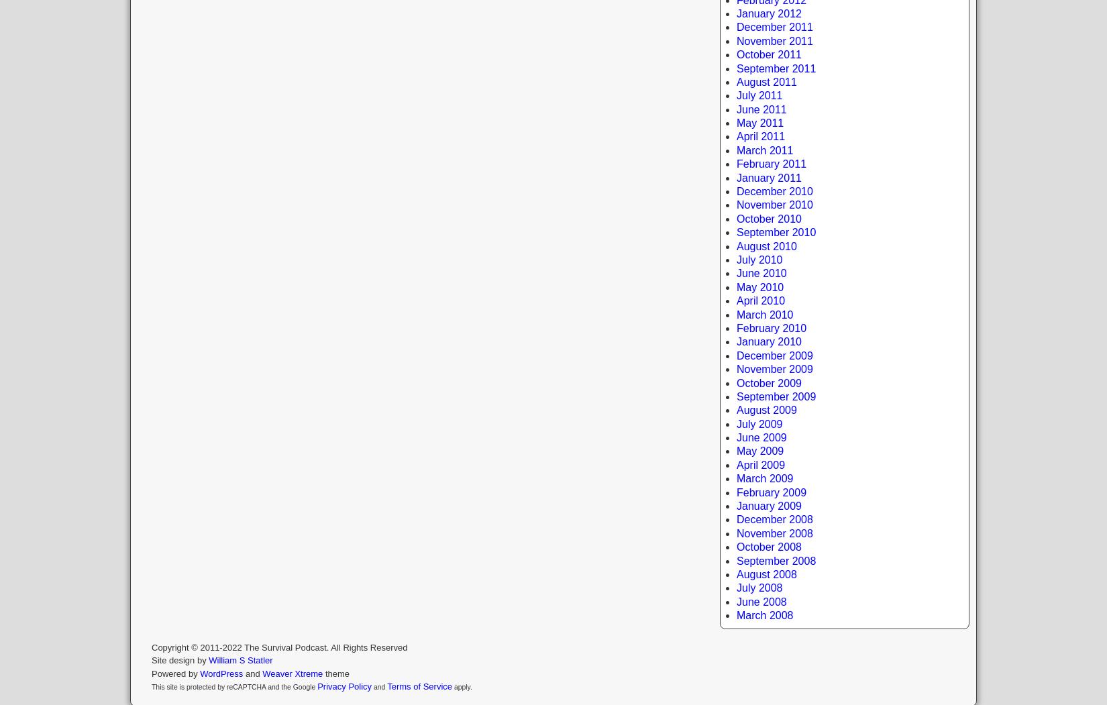 This screenshot has width=1107, height=705. I want to click on 'Terms of Service', so click(419, 686).